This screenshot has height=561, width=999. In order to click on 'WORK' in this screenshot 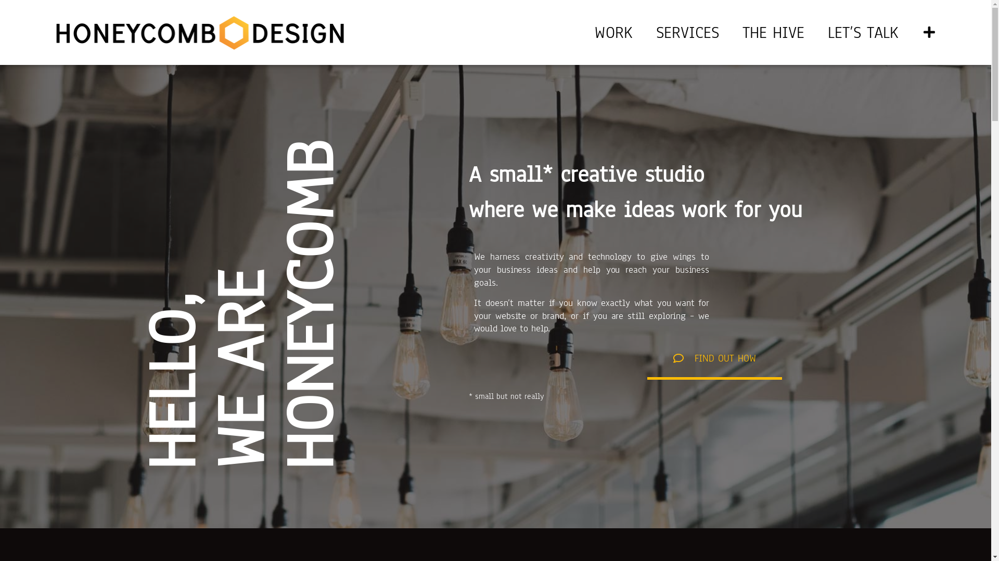, I will do `click(613, 32)`.